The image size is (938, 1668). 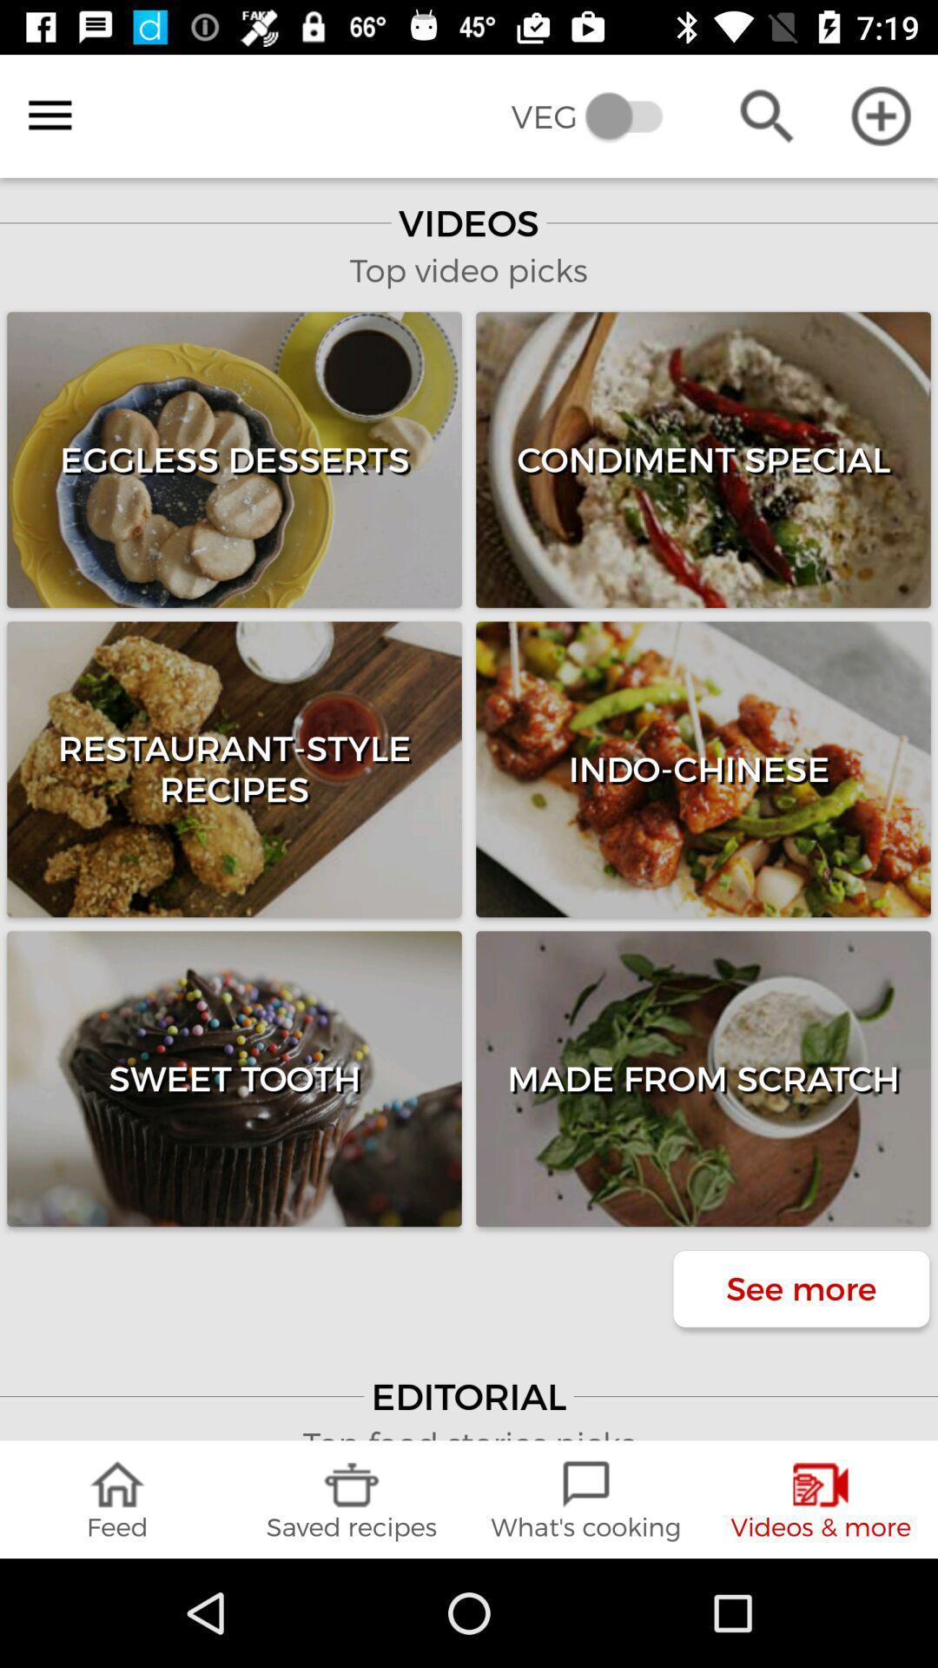 What do you see at coordinates (352, 1499) in the screenshot?
I see `the item to the left of the what's cooking` at bounding box center [352, 1499].